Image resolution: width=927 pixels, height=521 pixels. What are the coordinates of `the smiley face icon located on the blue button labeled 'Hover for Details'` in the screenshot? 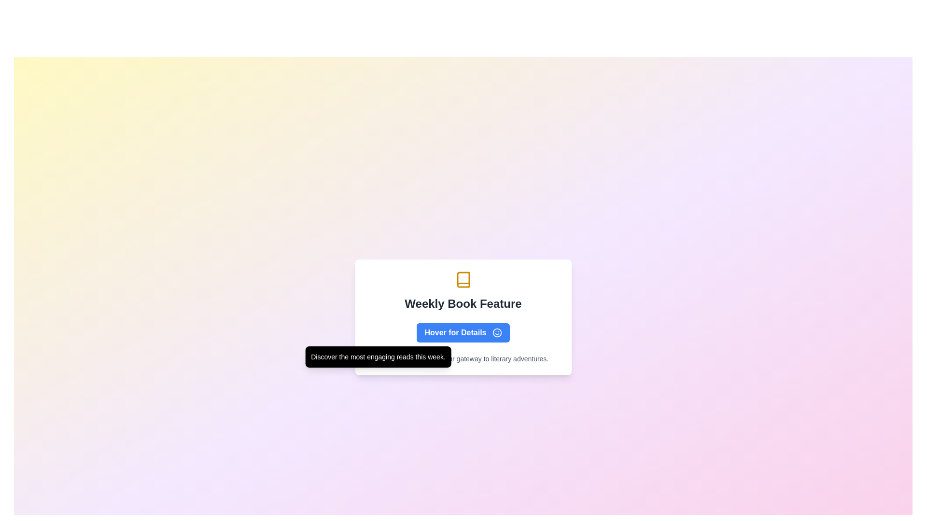 It's located at (497, 332).